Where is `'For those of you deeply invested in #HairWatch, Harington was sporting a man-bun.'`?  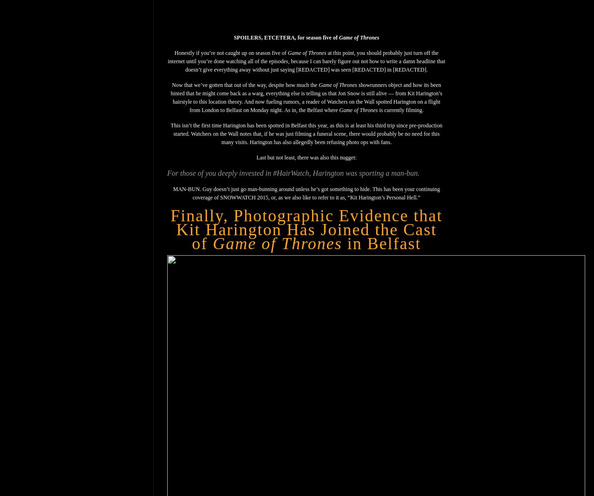 'For those of you deeply invested in #HairWatch, Harington was sporting a man-bun.' is located at coordinates (167, 172).